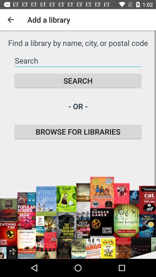 The image size is (156, 277). Describe the element at coordinates (78, 61) in the screenshot. I see `the icon below find a library icon` at that location.